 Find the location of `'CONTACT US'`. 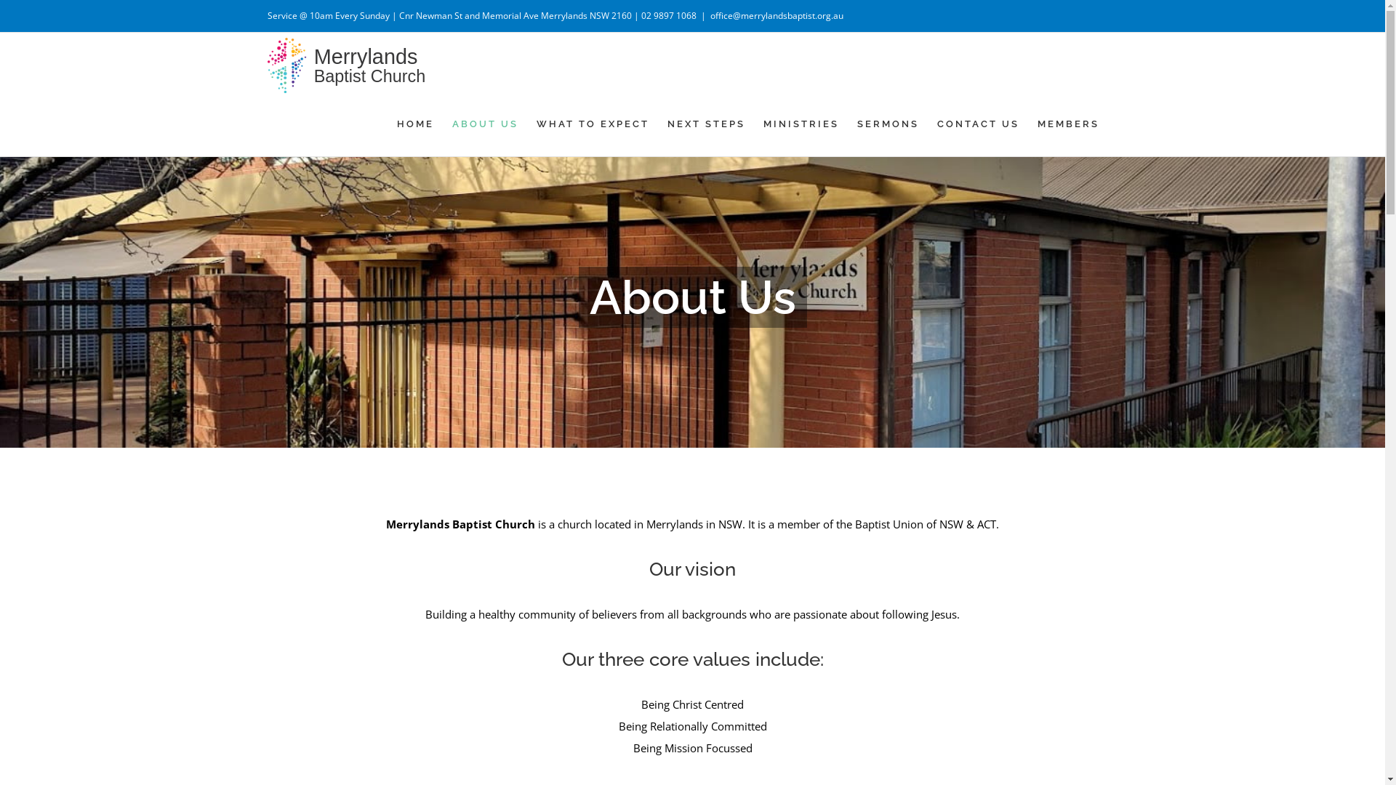

'CONTACT US' is located at coordinates (978, 122).